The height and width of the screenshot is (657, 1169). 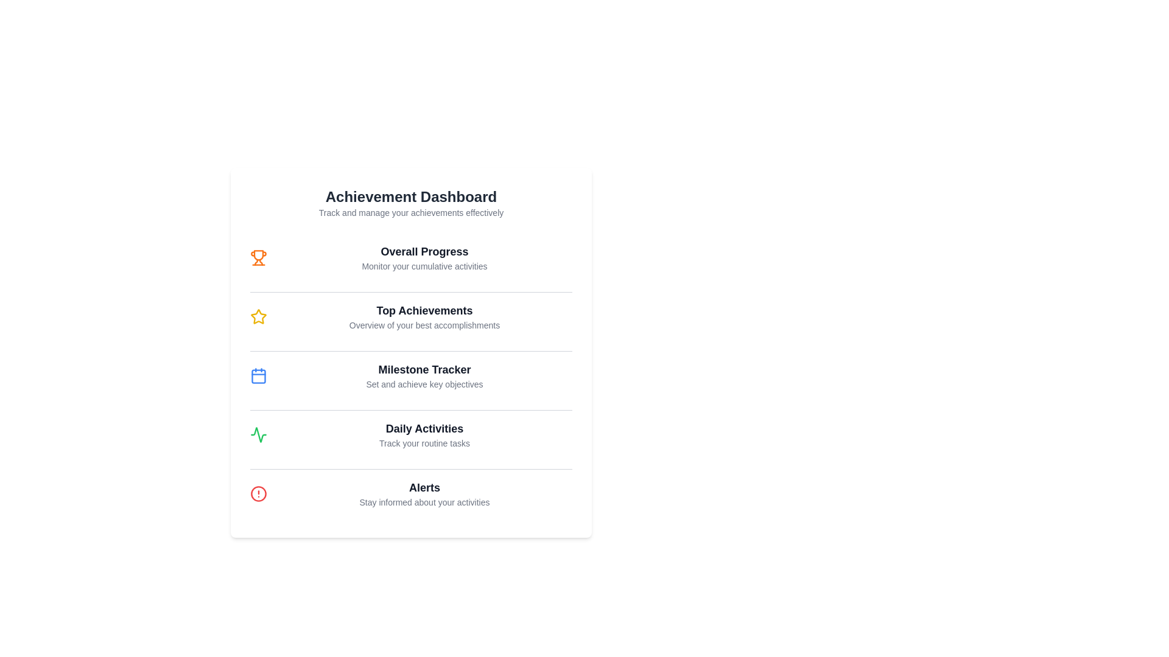 I want to click on the 'Top Achievements' text label, which is styled in bold and large font, located at the center of the dashboard interface, so click(x=424, y=310).